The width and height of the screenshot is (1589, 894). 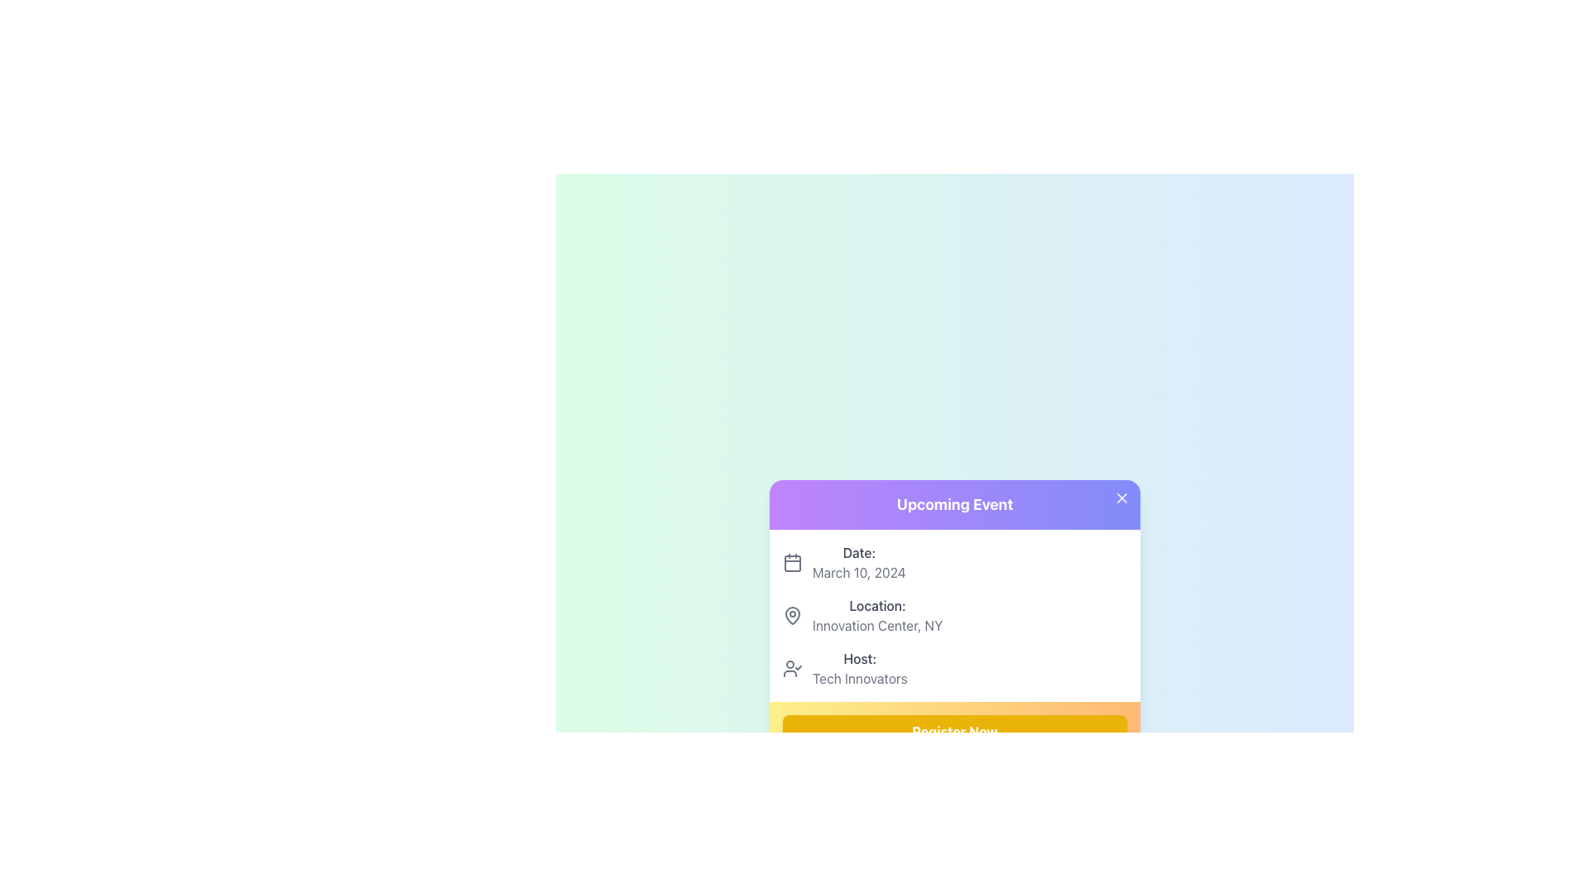 What do you see at coordinates (876, 626) in the screenshot?
I see `text content displayed in the Text Label that shows the location of the upcoming event, which is located below the 'Location:' label and above the 'Host:' section` at bounding box center [876, 626].